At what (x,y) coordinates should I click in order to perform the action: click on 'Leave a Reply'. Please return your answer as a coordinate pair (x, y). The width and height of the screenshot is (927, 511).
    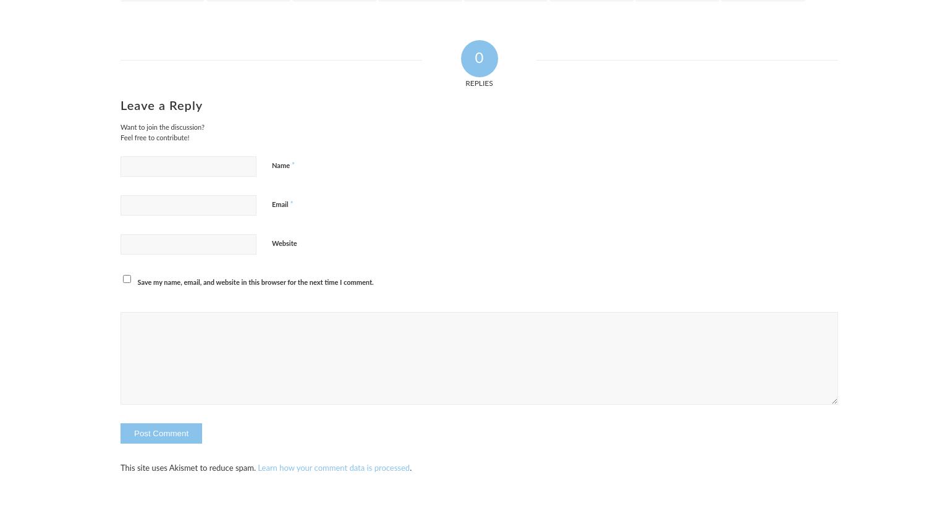
    Looking at the image, I should click on (161, 106).